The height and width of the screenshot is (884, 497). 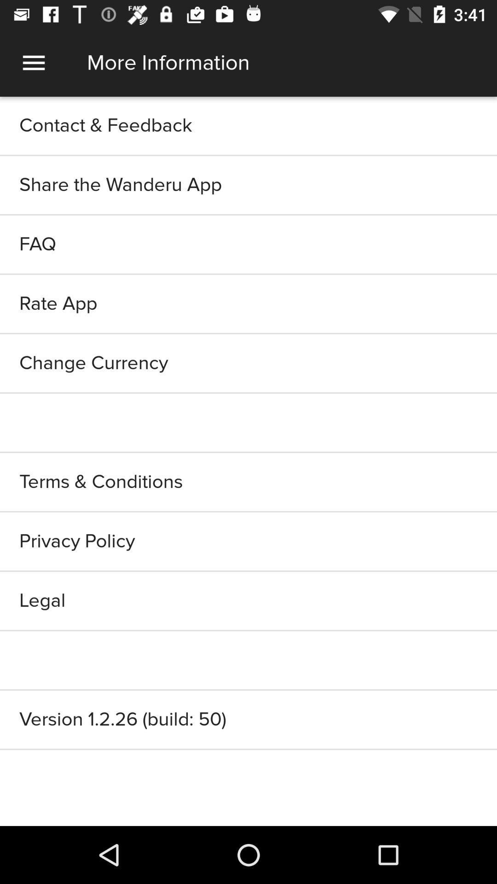 What do you see at coordinates (248, 601) in the screenshot?
I see `legal item` at bounding box center [248, 601].